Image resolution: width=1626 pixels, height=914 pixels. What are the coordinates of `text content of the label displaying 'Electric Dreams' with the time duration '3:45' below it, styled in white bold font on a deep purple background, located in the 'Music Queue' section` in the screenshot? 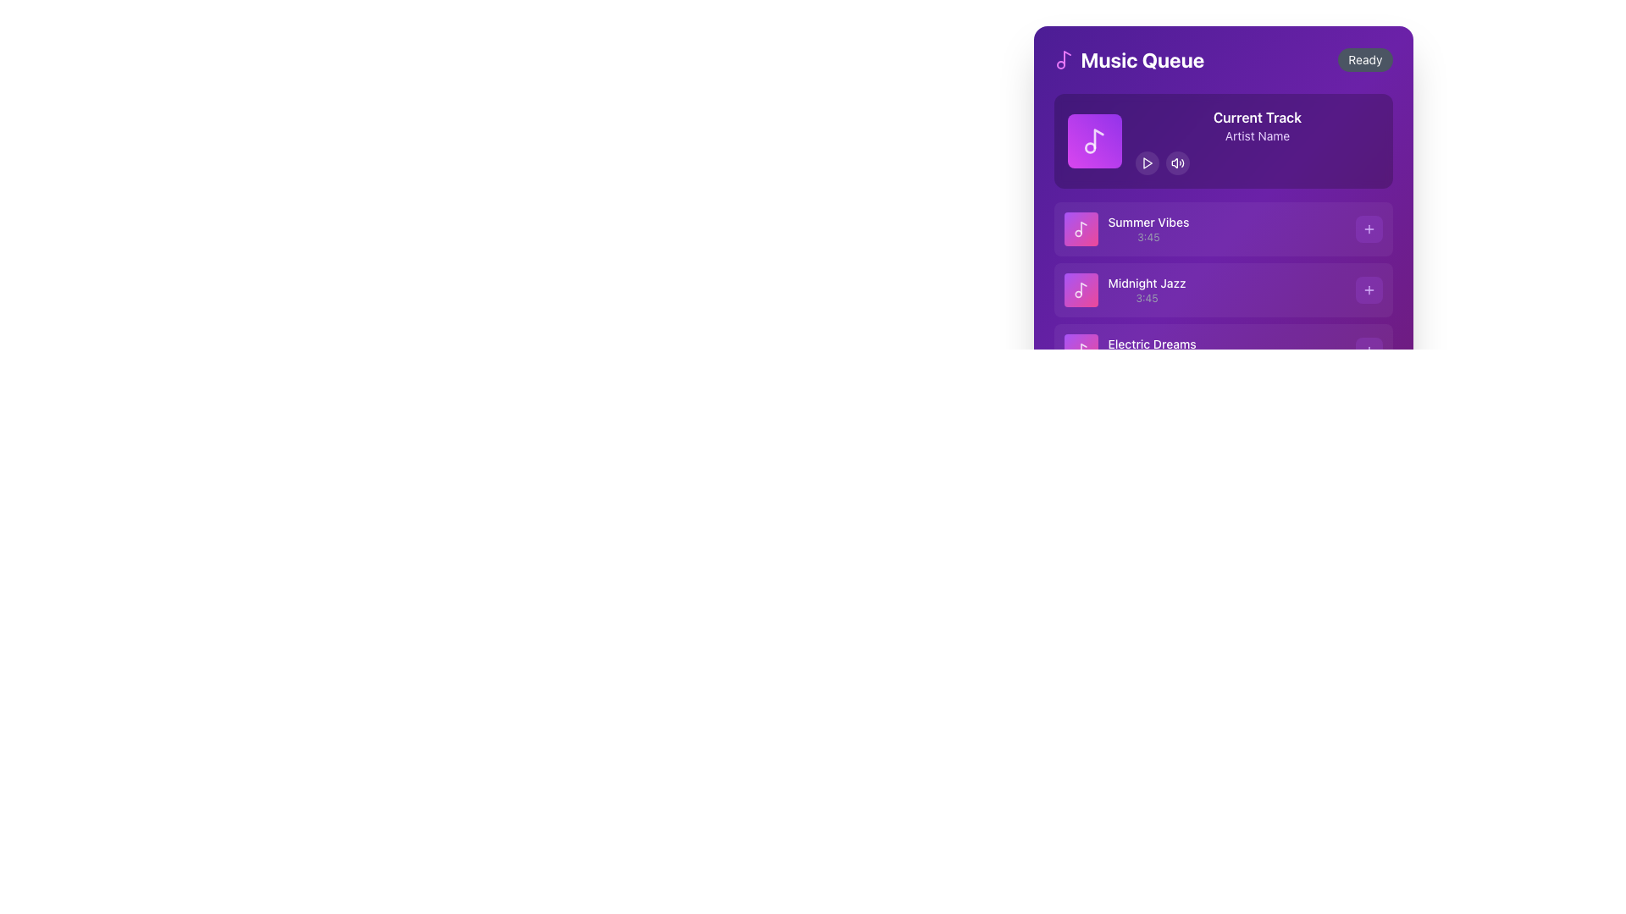 It's located at (1152, 350).